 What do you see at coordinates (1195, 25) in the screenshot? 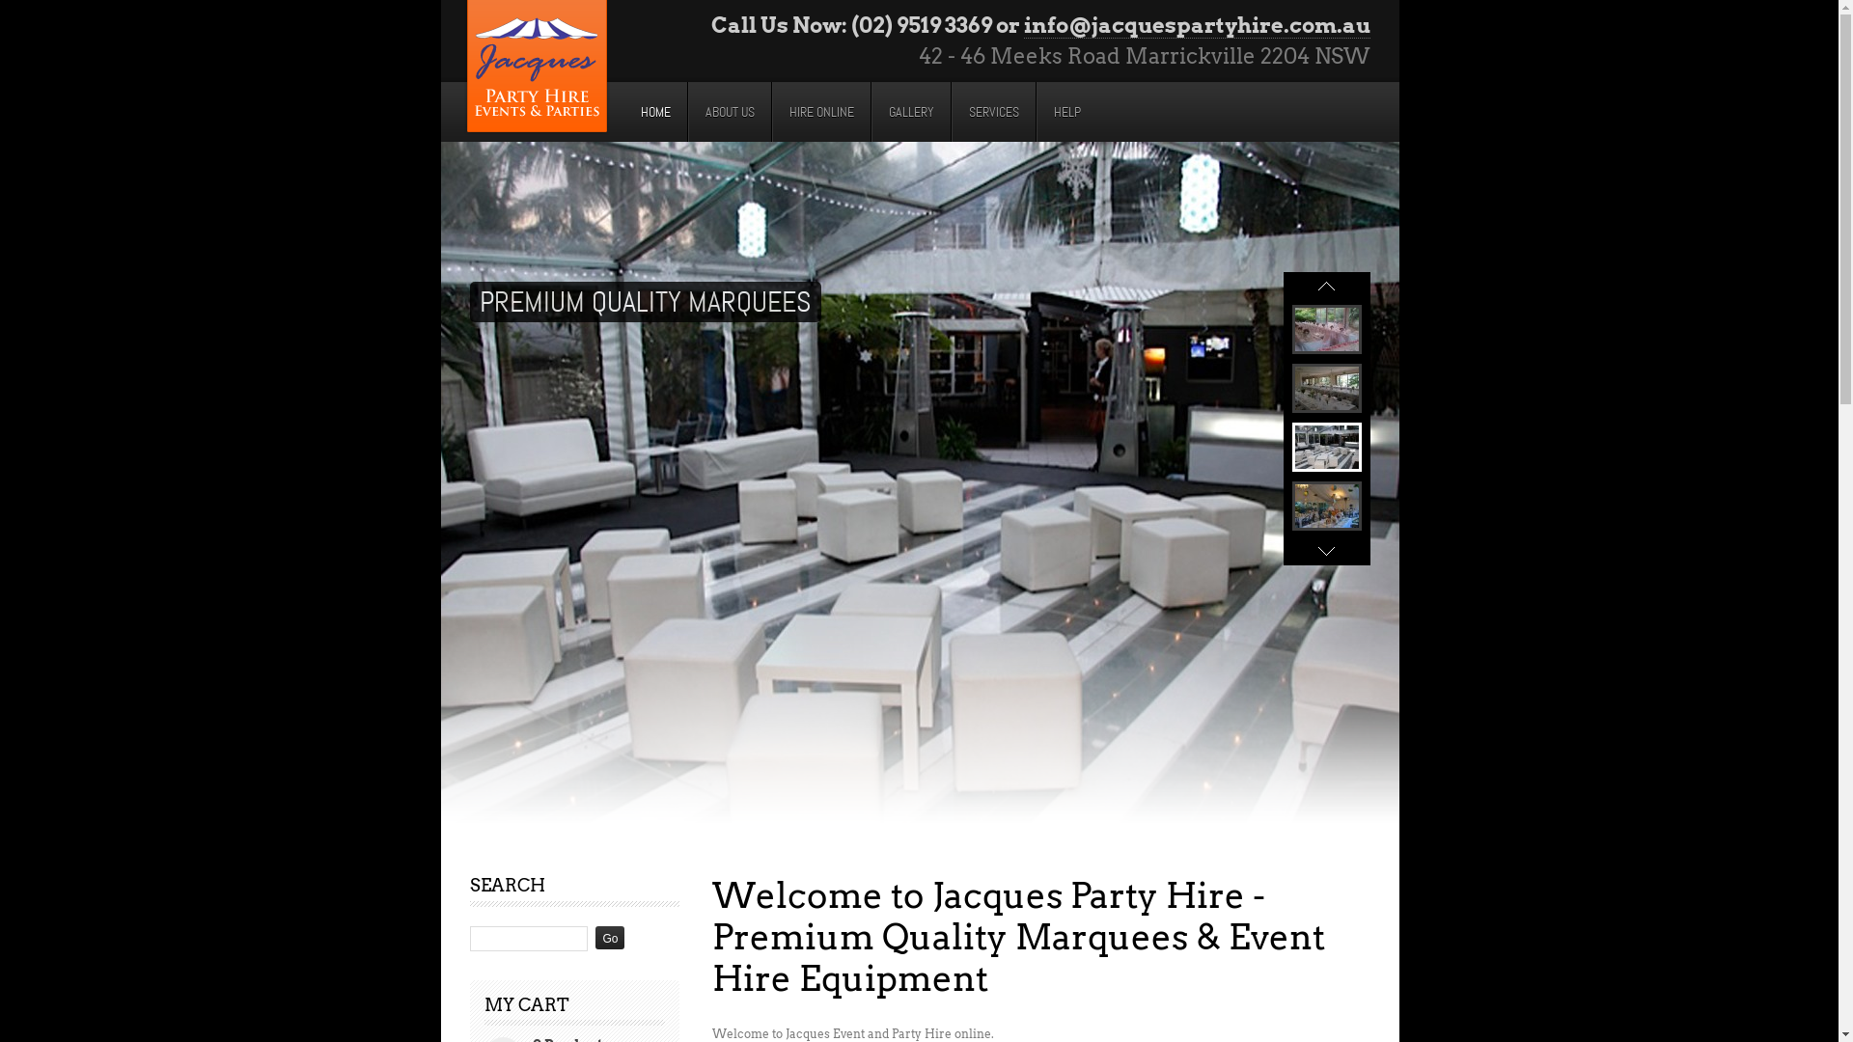
I see `'info@jacquespartyhire.com.au'` at bounding box center [1195, 25].